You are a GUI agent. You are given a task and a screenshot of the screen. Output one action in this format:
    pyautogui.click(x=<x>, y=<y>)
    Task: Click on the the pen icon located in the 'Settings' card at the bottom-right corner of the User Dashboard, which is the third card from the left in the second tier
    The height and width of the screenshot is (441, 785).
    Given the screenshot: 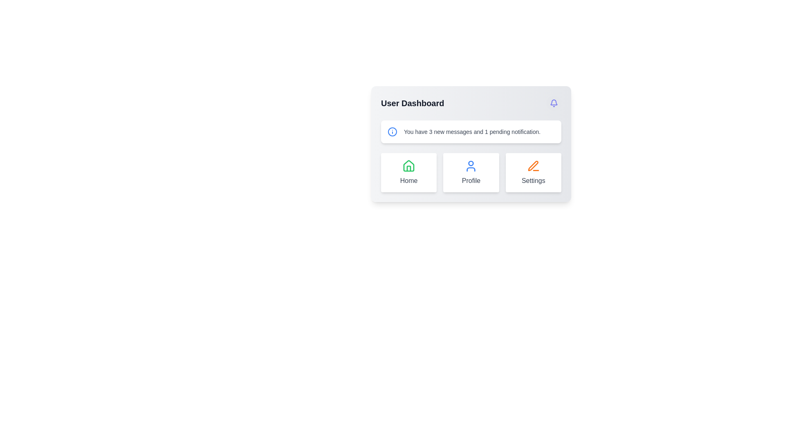 What is the action you would take?
    pyautogui.click(x=533, y=166)
    